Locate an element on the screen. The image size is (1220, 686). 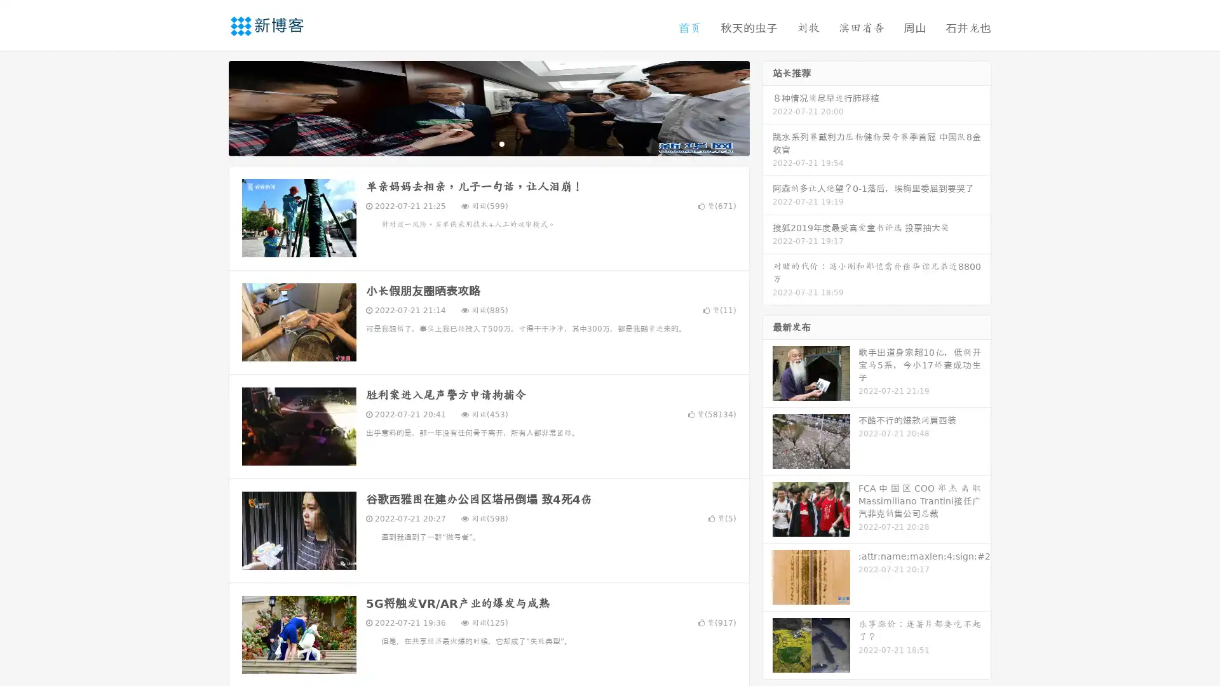
Next slide is located at coordinates (768, 107).